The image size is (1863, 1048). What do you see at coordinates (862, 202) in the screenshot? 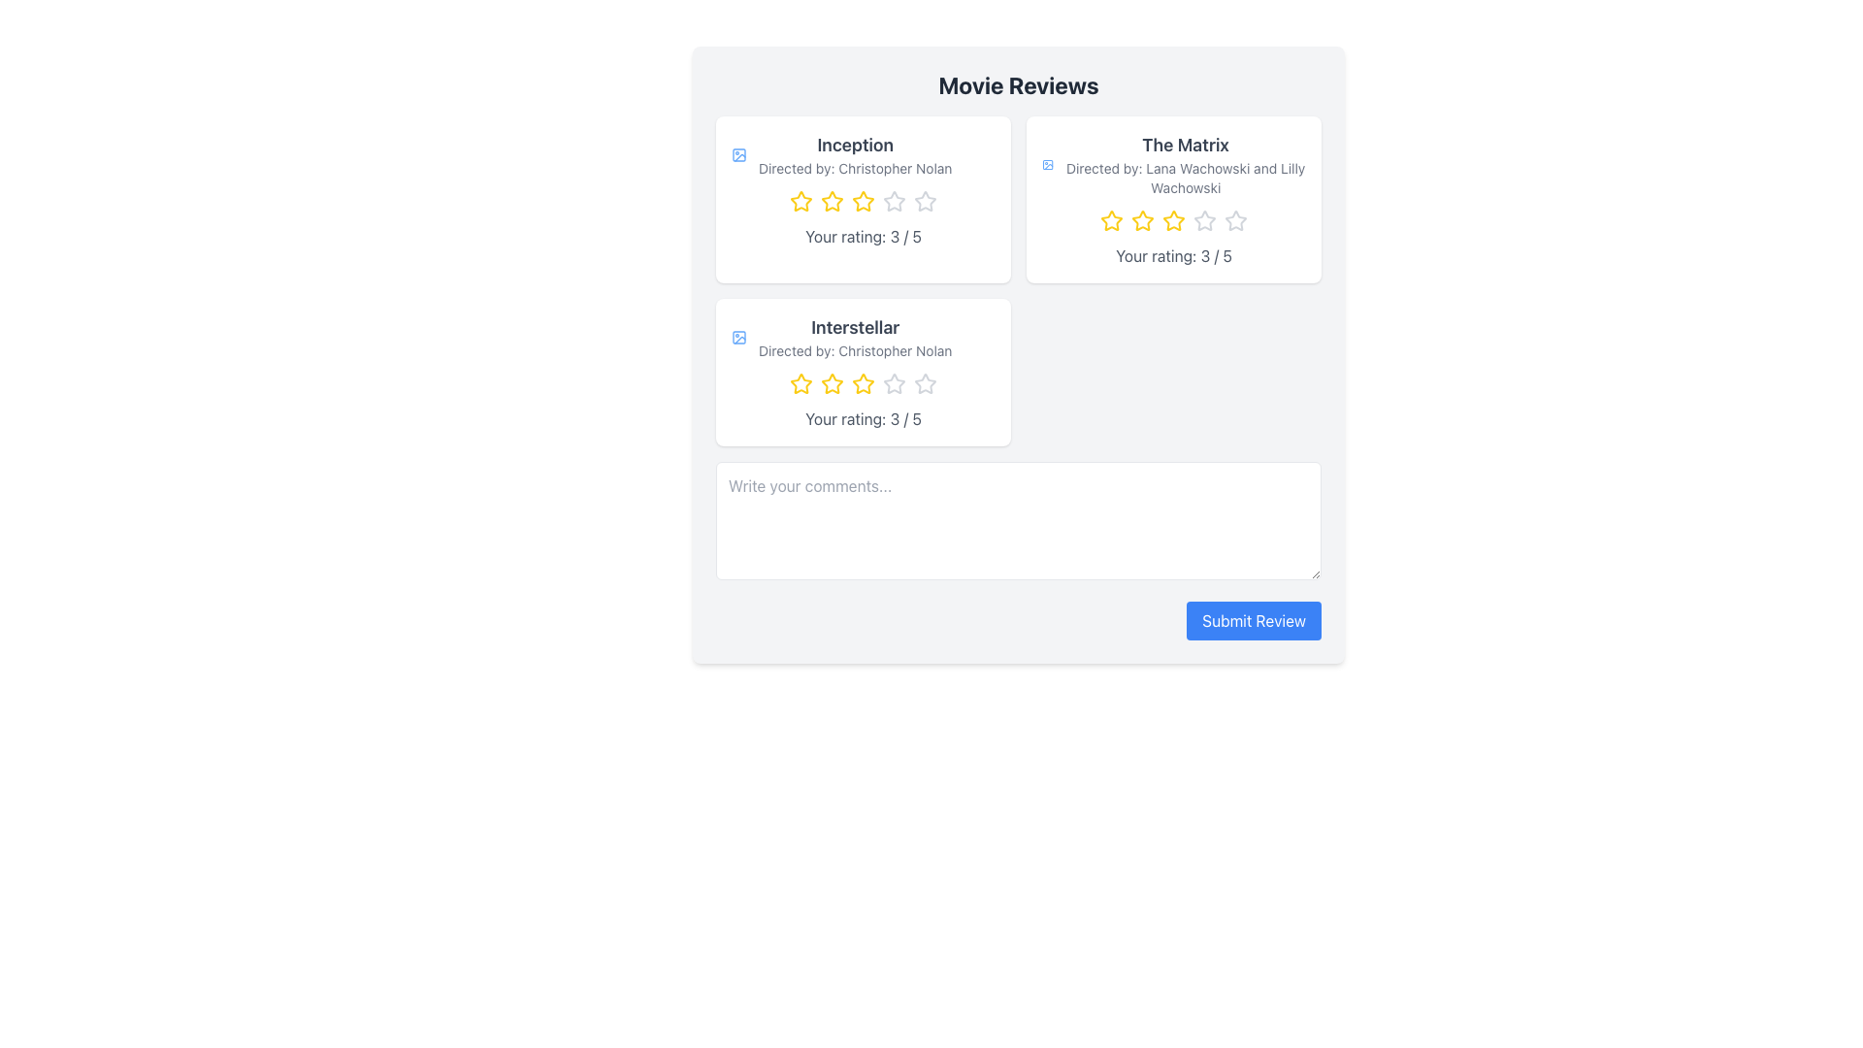
I see `on the Rating Control for the movie 'Inception'` at bounding box center [862, 202].